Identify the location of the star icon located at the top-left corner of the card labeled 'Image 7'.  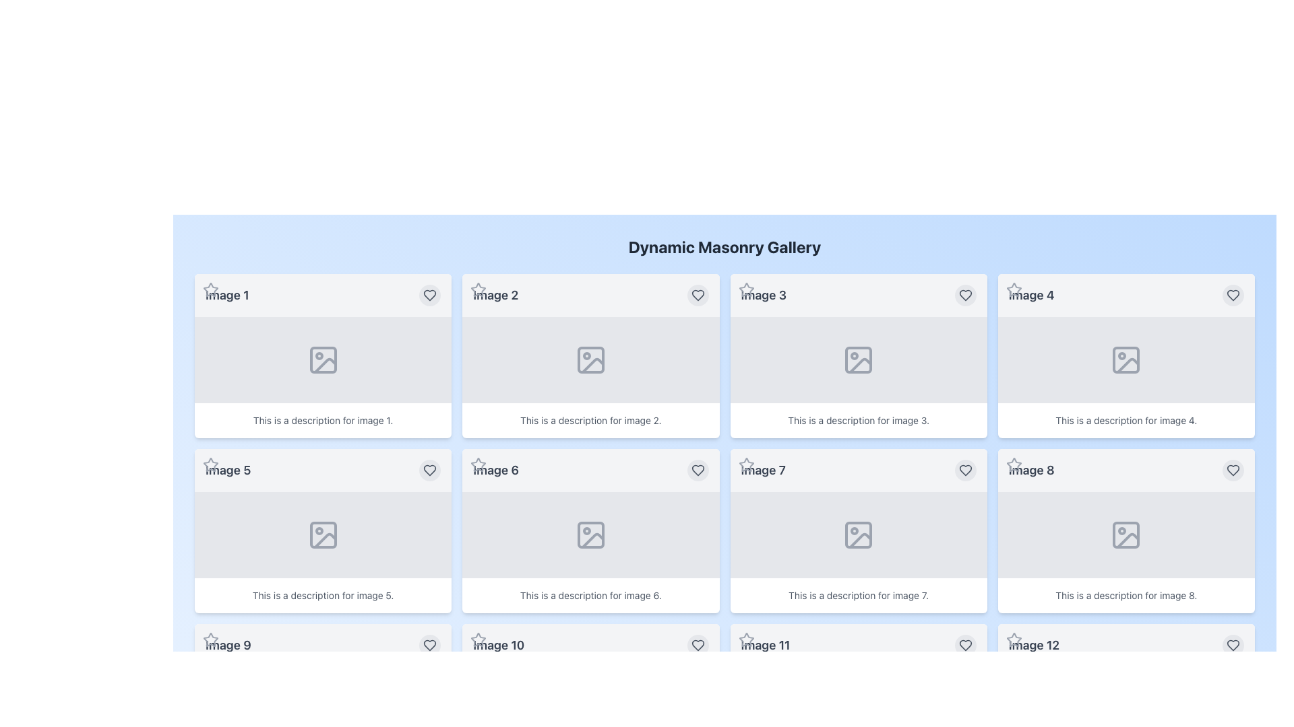
(745, 464).